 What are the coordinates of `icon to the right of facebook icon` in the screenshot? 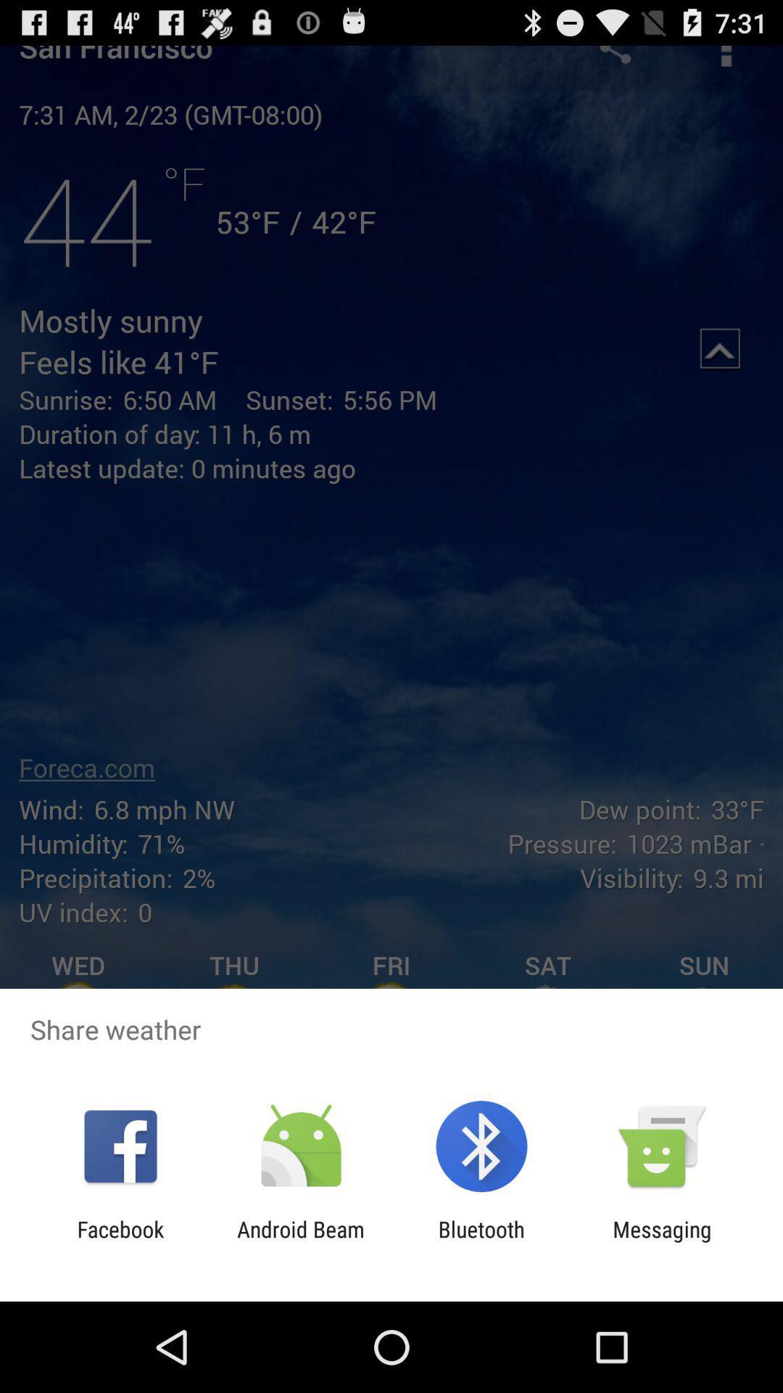 It's located at (300, 1241).